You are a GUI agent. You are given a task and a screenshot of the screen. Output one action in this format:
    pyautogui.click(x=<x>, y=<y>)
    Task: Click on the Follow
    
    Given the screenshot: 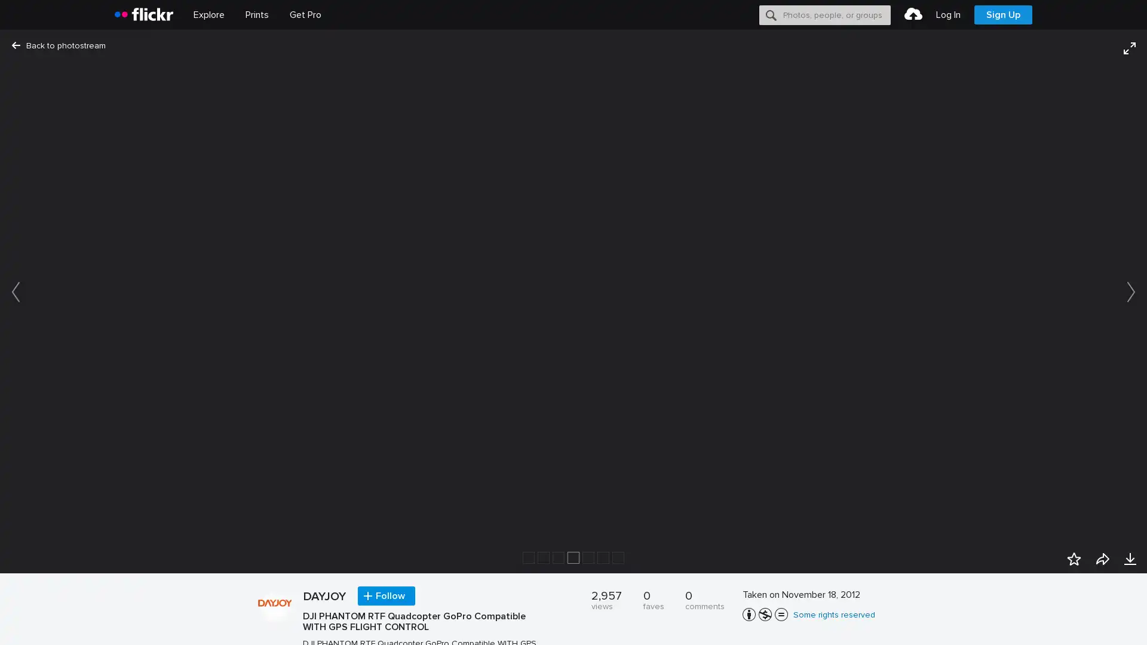 What is the action you would take?
    pyautogui.click(x=387, y=596)
    